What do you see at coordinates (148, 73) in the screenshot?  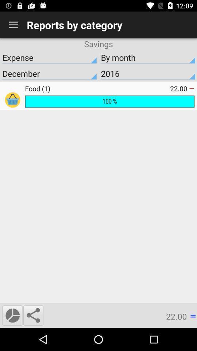 I see `item below the expense icon` at bounding box center [148, 73].